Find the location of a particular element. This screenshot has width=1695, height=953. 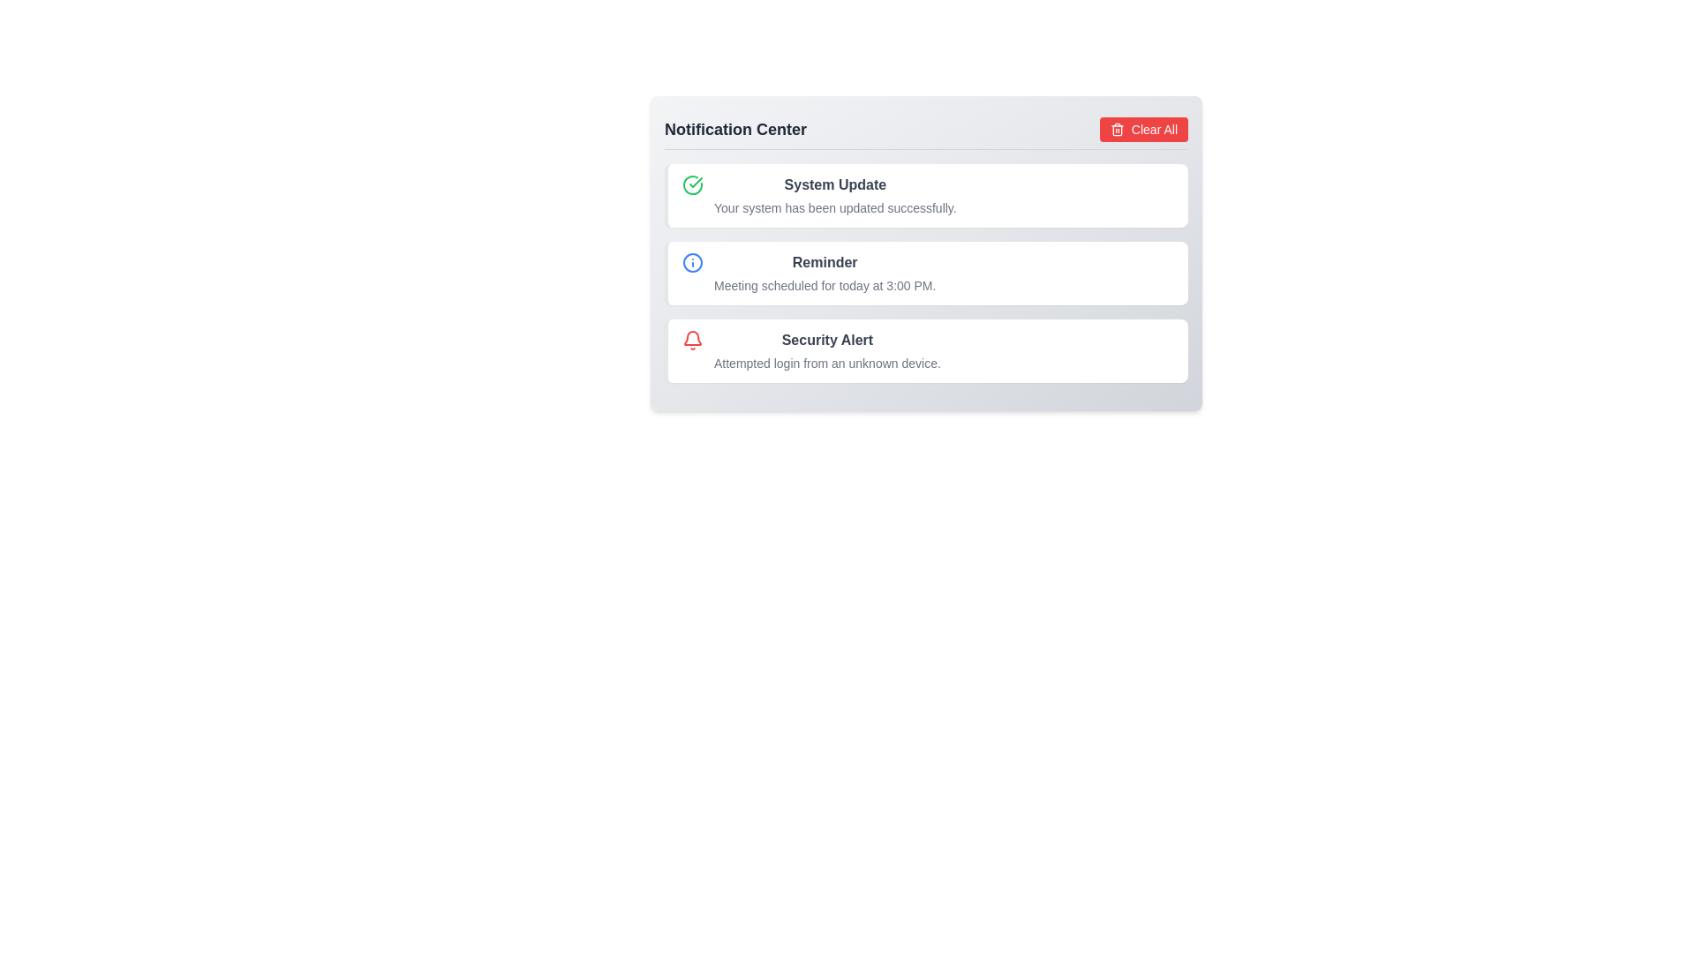

the text element that conveys additional details about the security alert regarding a login attempt from an unknown device, located below the 'Security Alert' heading in the third notification card of the Notification Center panel is located at coordinates (826, 363).